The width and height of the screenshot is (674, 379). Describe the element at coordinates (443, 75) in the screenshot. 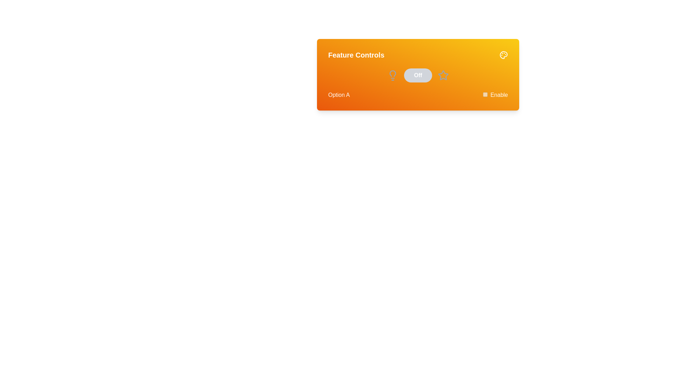

I see `the star-shaped icon located within the orange background block labeled 'Feature Controls', positioned between the 'Off' toggle button and other elements` at that location.